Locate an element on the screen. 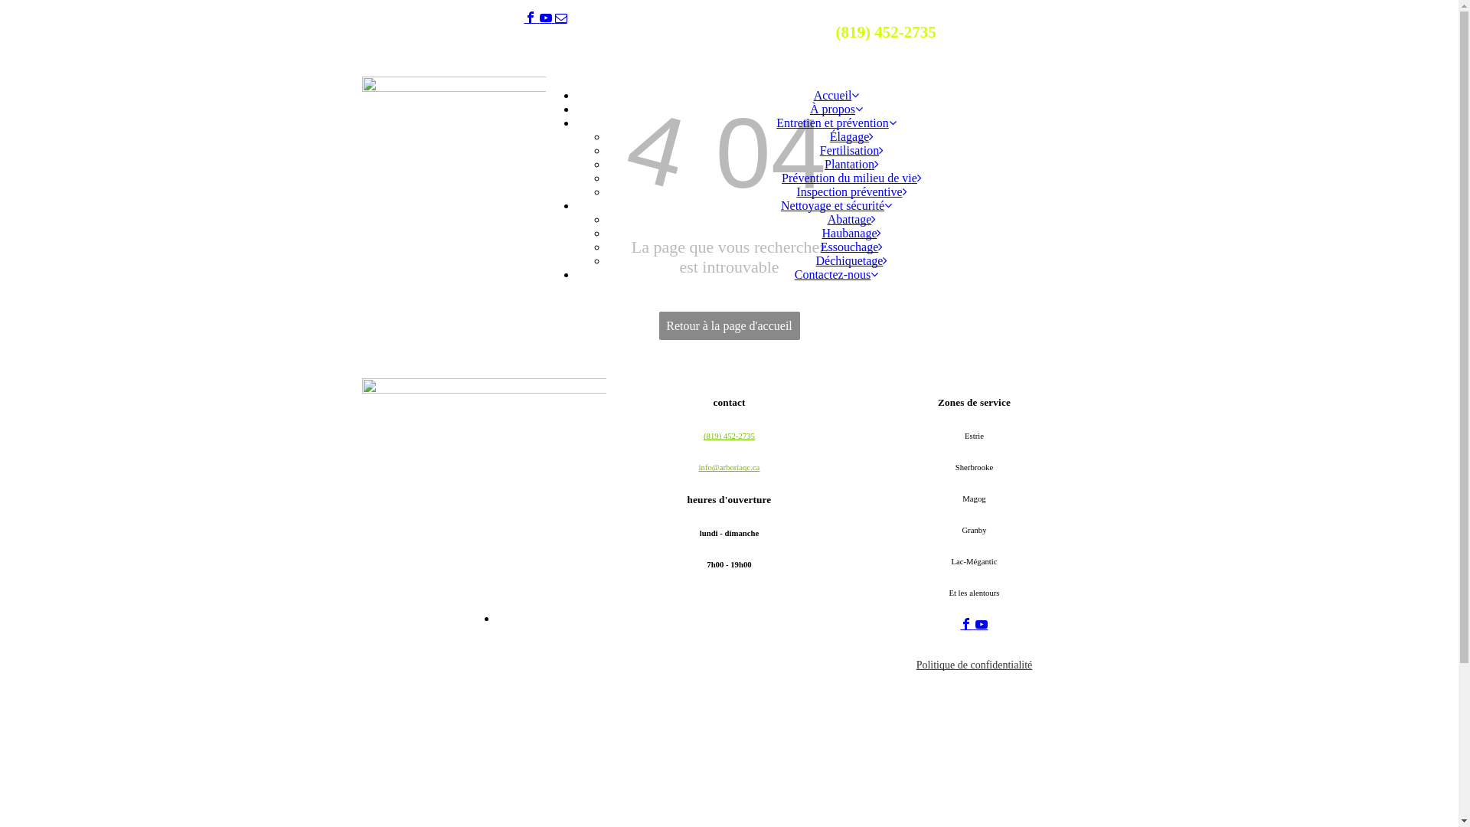 This screenshot has width=1470, height=827. 'Plantation' is located at coordinates (851, 164).